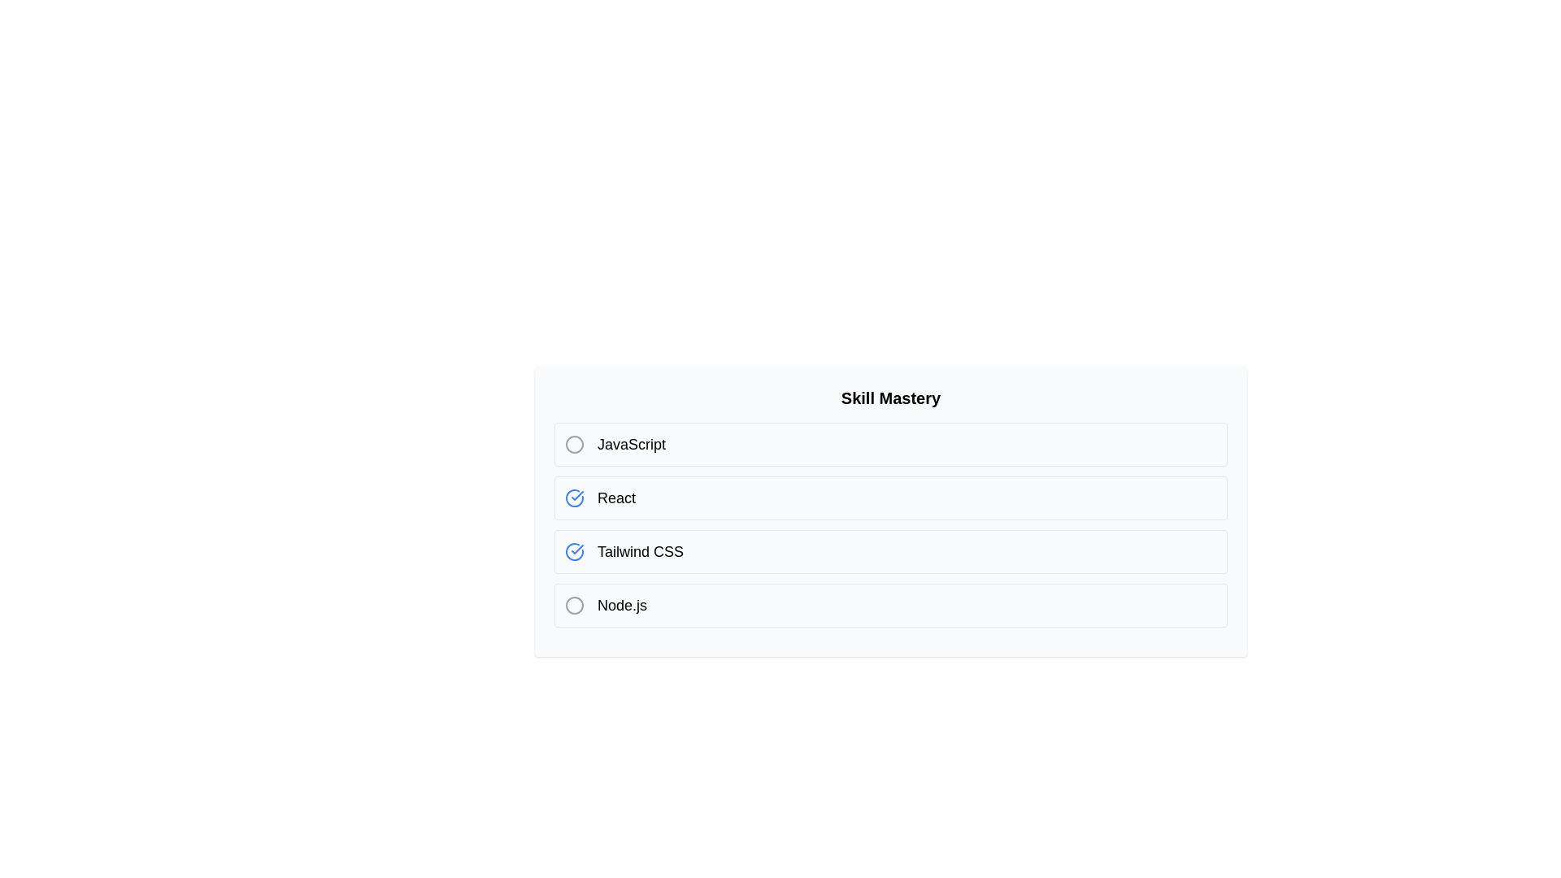 The width and height of the screenshot is (1561, 878). I want to click on the skill list item React to observe the hover effect, so click(889, 498).